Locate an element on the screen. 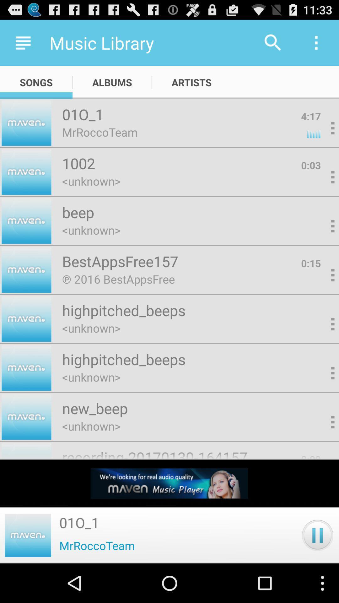  the more icon is located at coordinates (322, 399).